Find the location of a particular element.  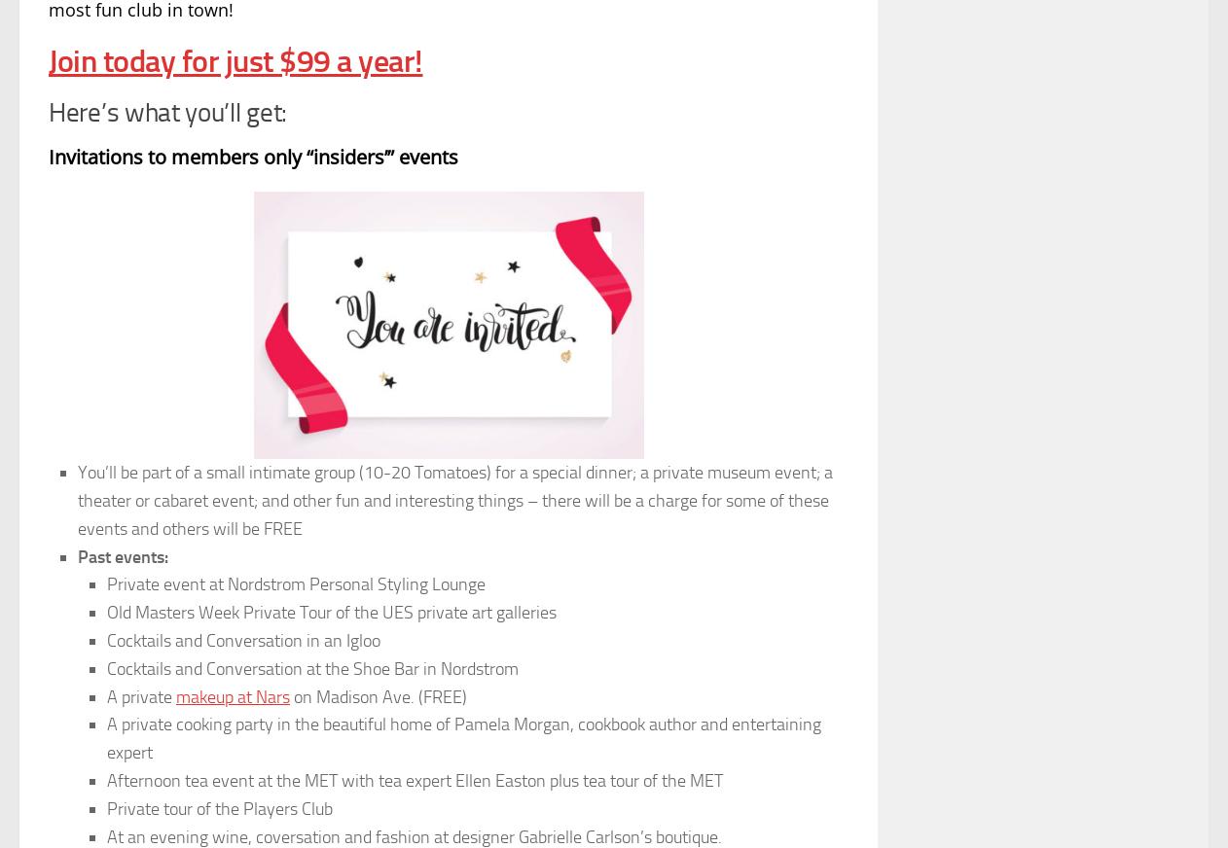

'Here’s what you’ll get:' is located at coordinates (166, 112).